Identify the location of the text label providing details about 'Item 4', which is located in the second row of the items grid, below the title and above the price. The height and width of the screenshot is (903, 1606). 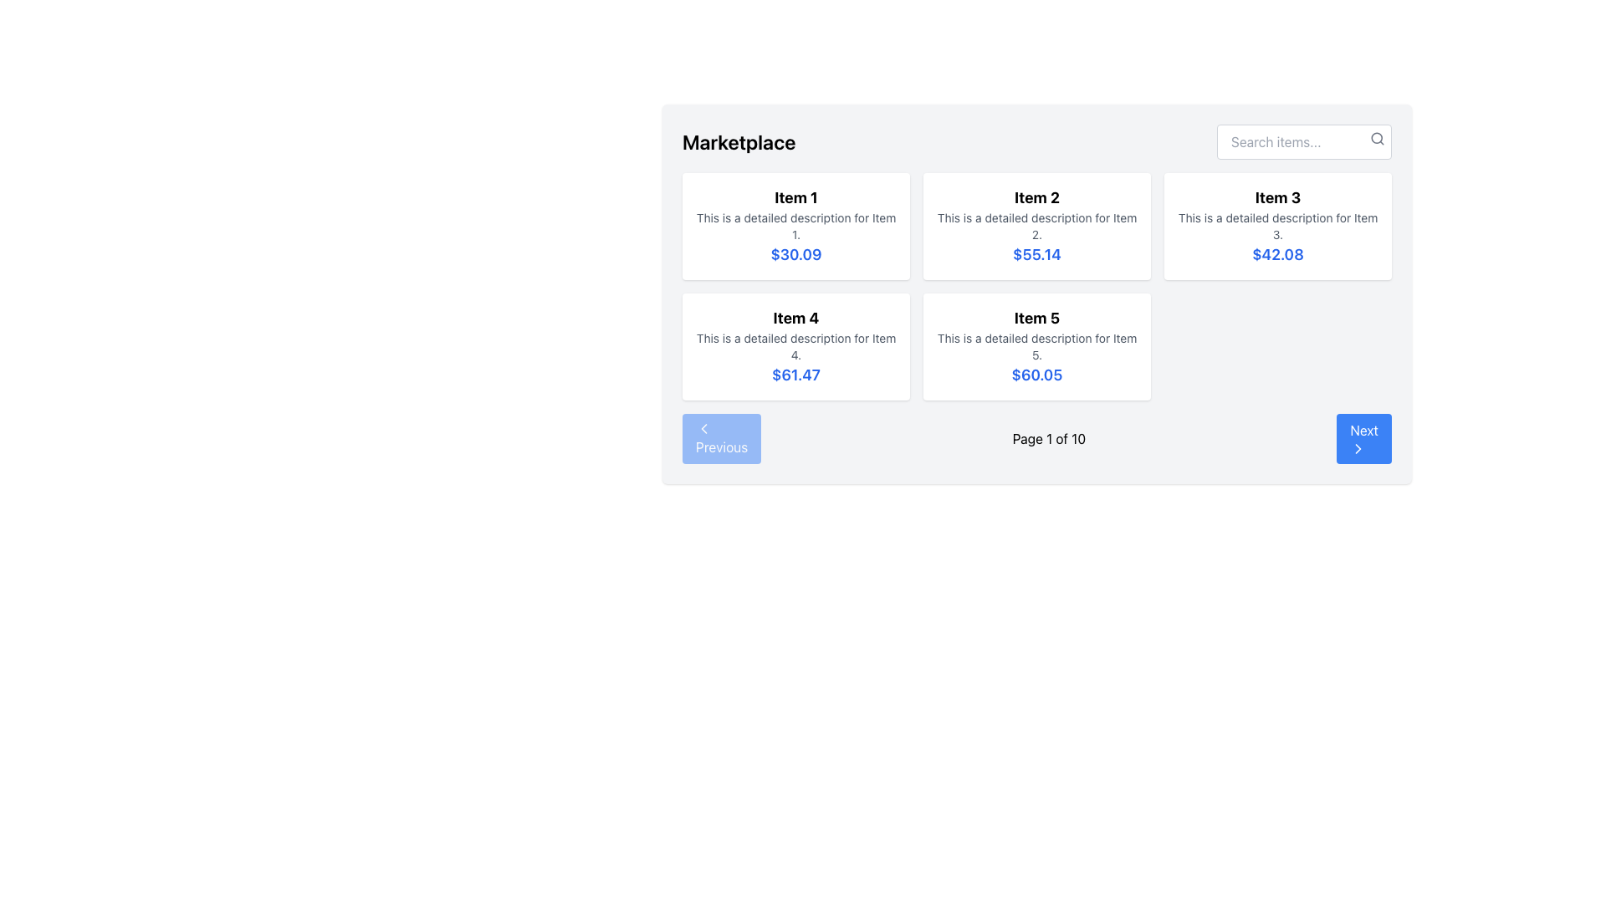
(795, 346).